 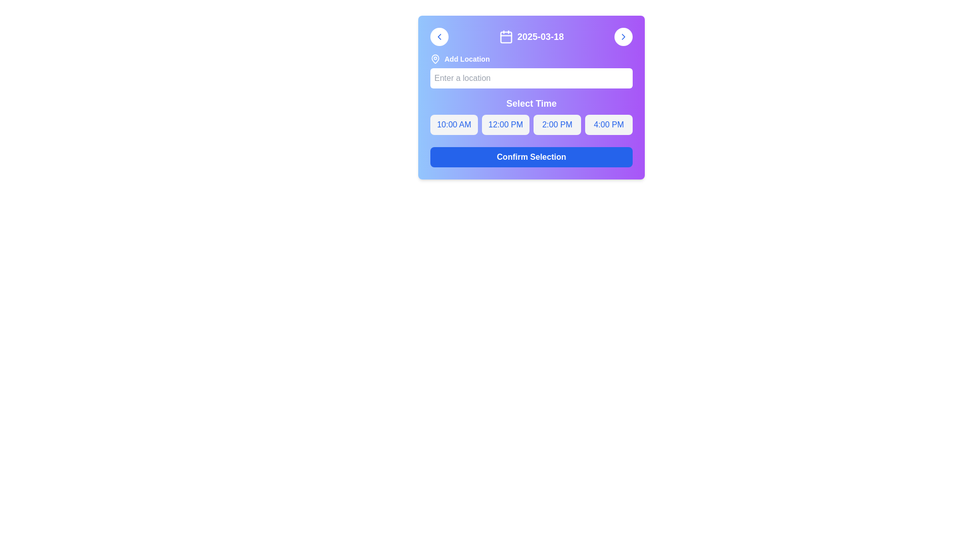 What do you see at coordinates (466, 59) in the screenshot?
I see `the 'Add Location' text label, which is displayed in bold white font on a gradient blue-to-purple background, located in the top-middle section of the interface` at bounding box center [466, 59].